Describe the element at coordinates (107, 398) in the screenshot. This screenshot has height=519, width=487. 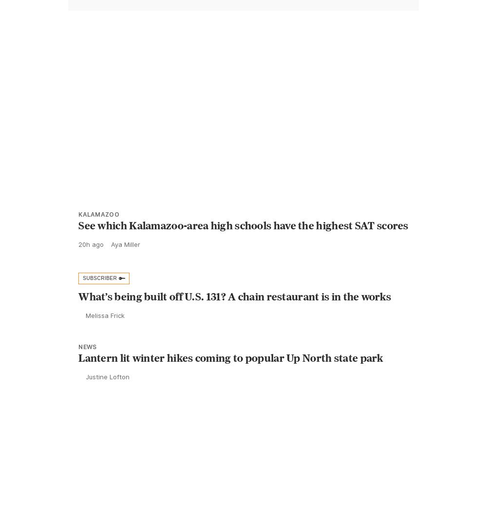
I see `'Justine Lofton'` at that location.